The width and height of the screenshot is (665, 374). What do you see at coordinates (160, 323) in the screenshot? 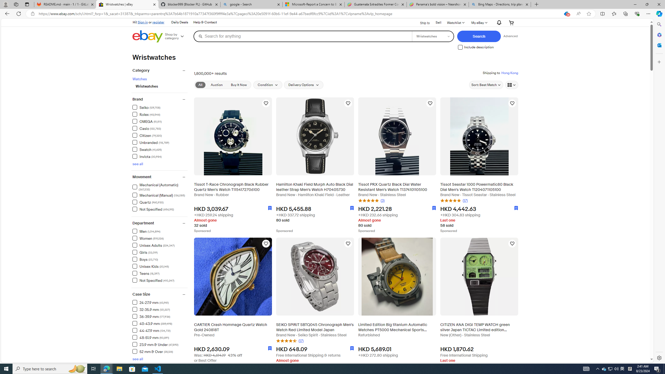
I see `'40-43.9 mm(289,498) Items'` at bounding box center [160, 323].